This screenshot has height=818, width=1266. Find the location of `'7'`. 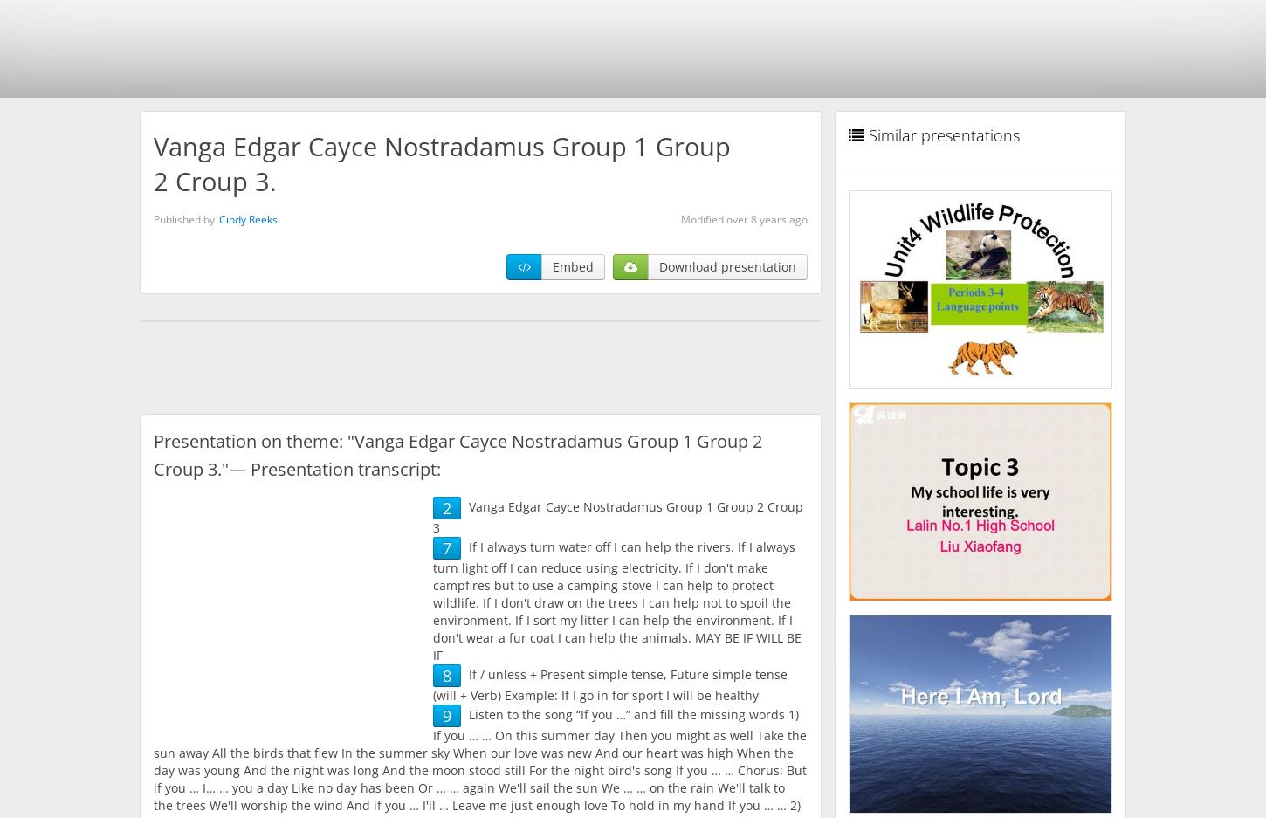

'7' is located at coordinates (443, 547).